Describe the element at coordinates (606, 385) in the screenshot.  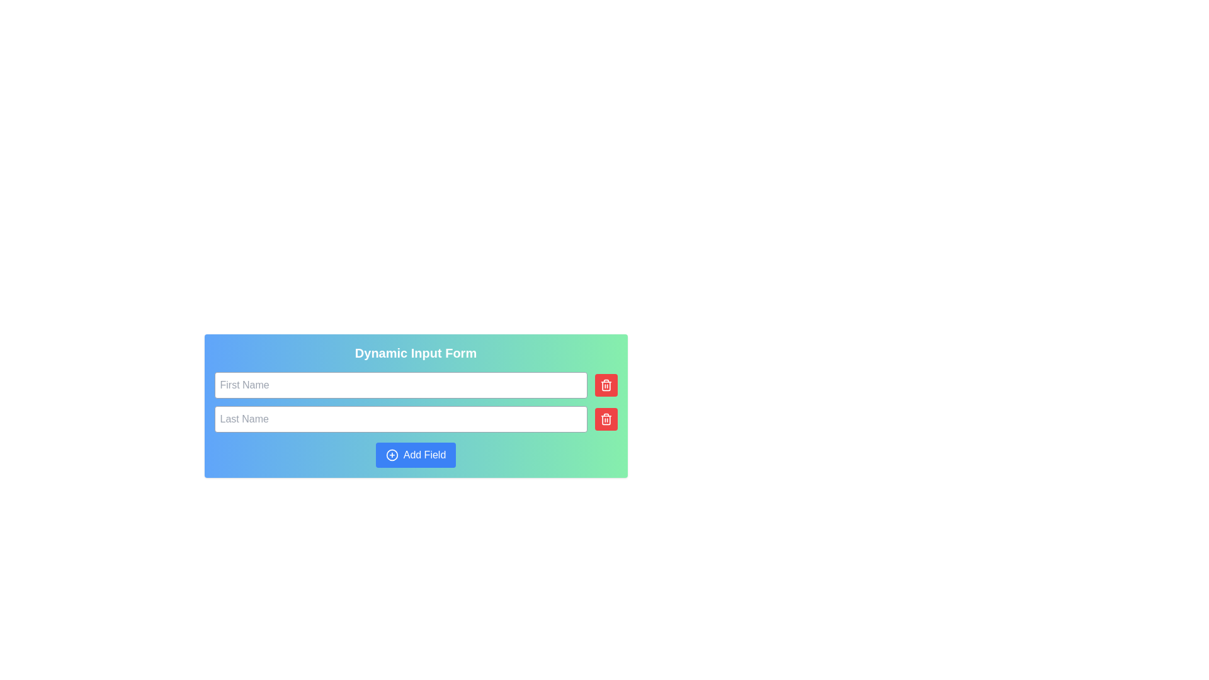
I see `the trash bin icon located within the red square-shaped delete button on the far right of the text input field in the second row of the form` at that location.